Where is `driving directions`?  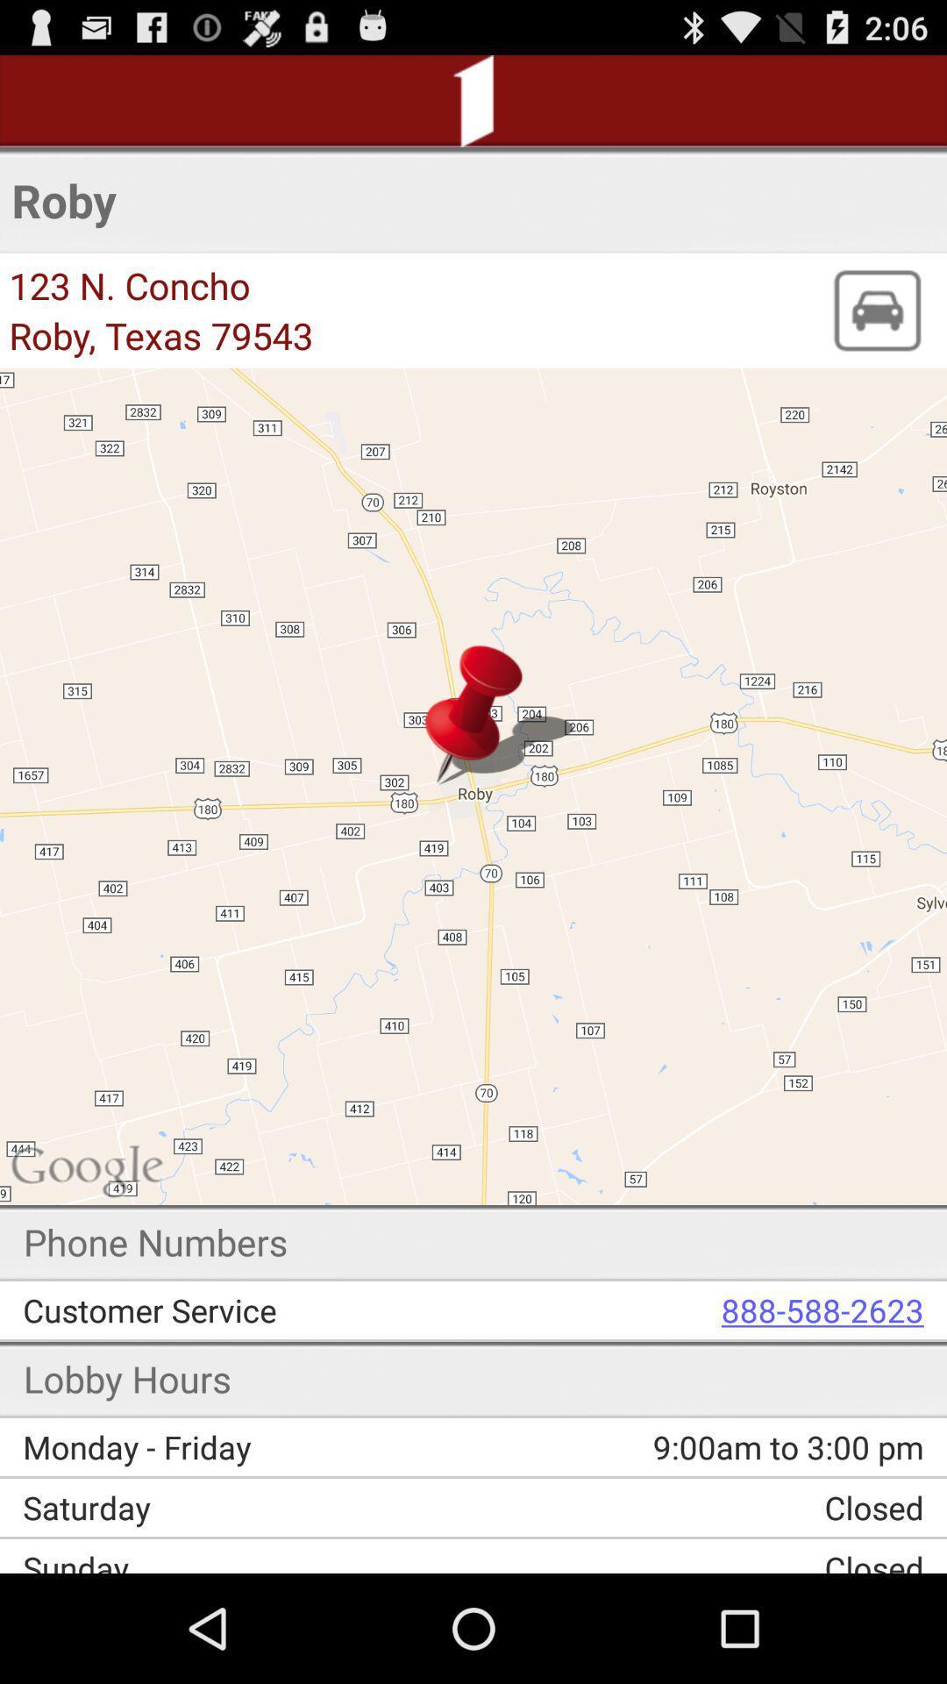
driving directions is located at coordinates (876, 310).